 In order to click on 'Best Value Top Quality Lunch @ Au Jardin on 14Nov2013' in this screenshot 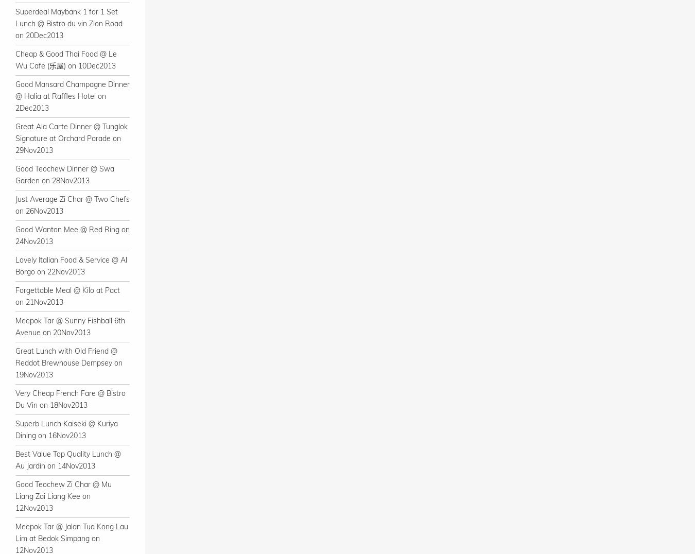, I will do `click(68, 460)`.